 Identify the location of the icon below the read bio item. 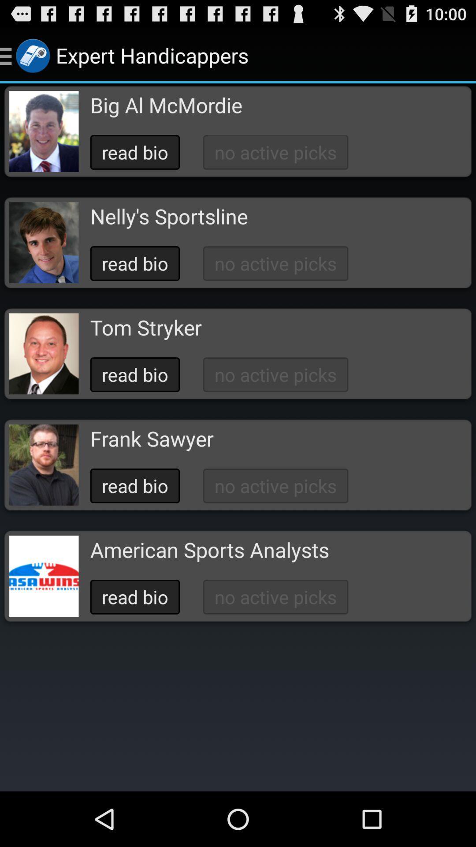
(151, 438).